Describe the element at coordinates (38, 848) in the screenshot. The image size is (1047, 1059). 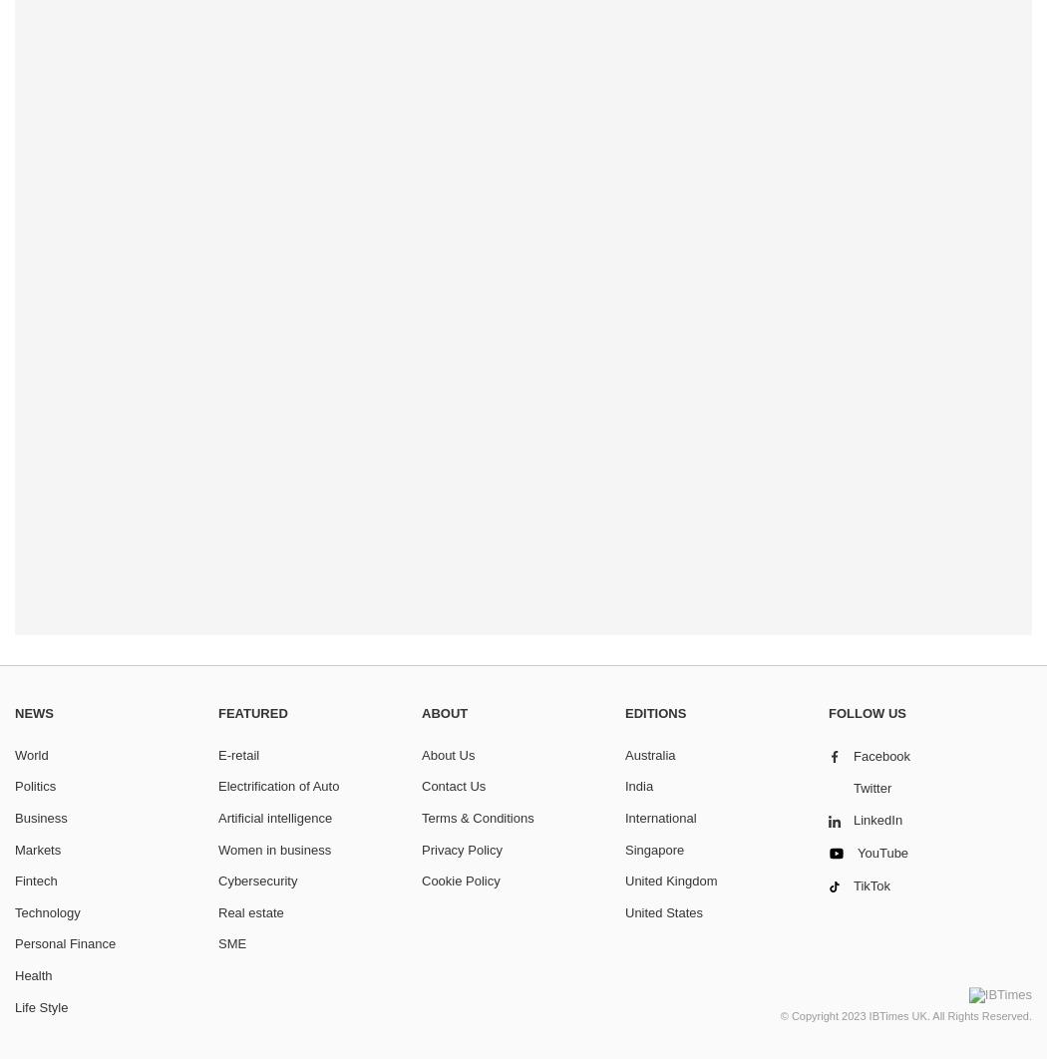
I see `'Markets'` at that location.